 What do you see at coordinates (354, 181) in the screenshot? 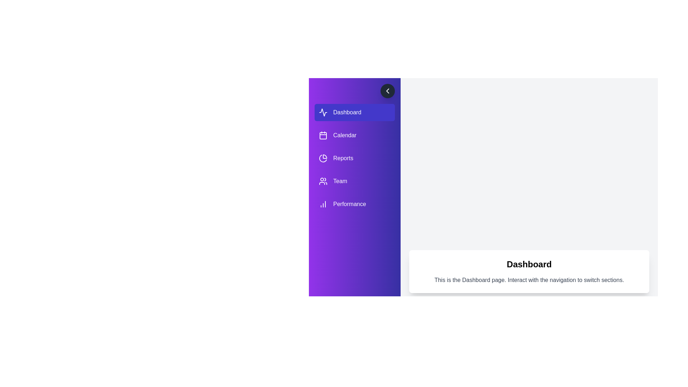
I see `the navigation item labeled Team` at bounding box center [354, 181].